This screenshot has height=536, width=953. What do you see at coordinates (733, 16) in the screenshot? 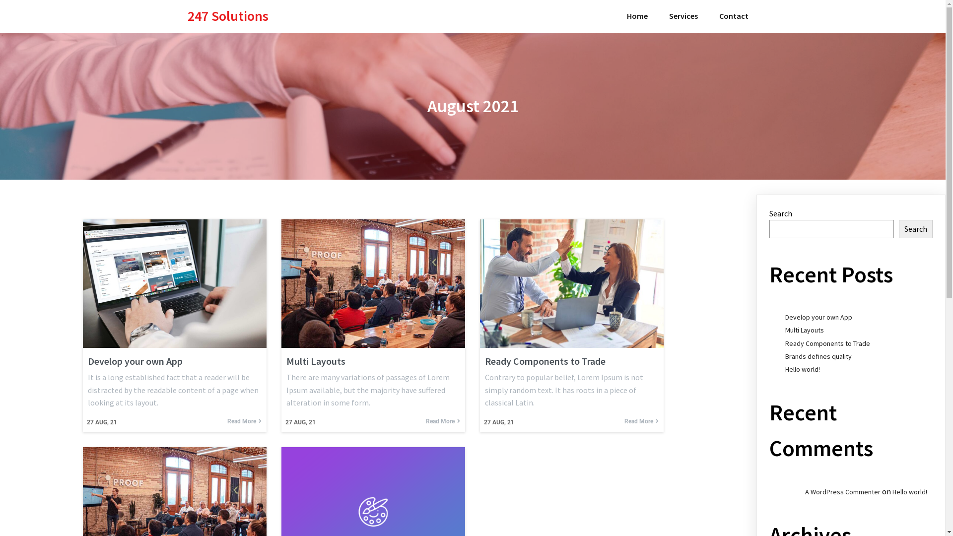
I see `'Contact'` at bounding box center [733, 16].